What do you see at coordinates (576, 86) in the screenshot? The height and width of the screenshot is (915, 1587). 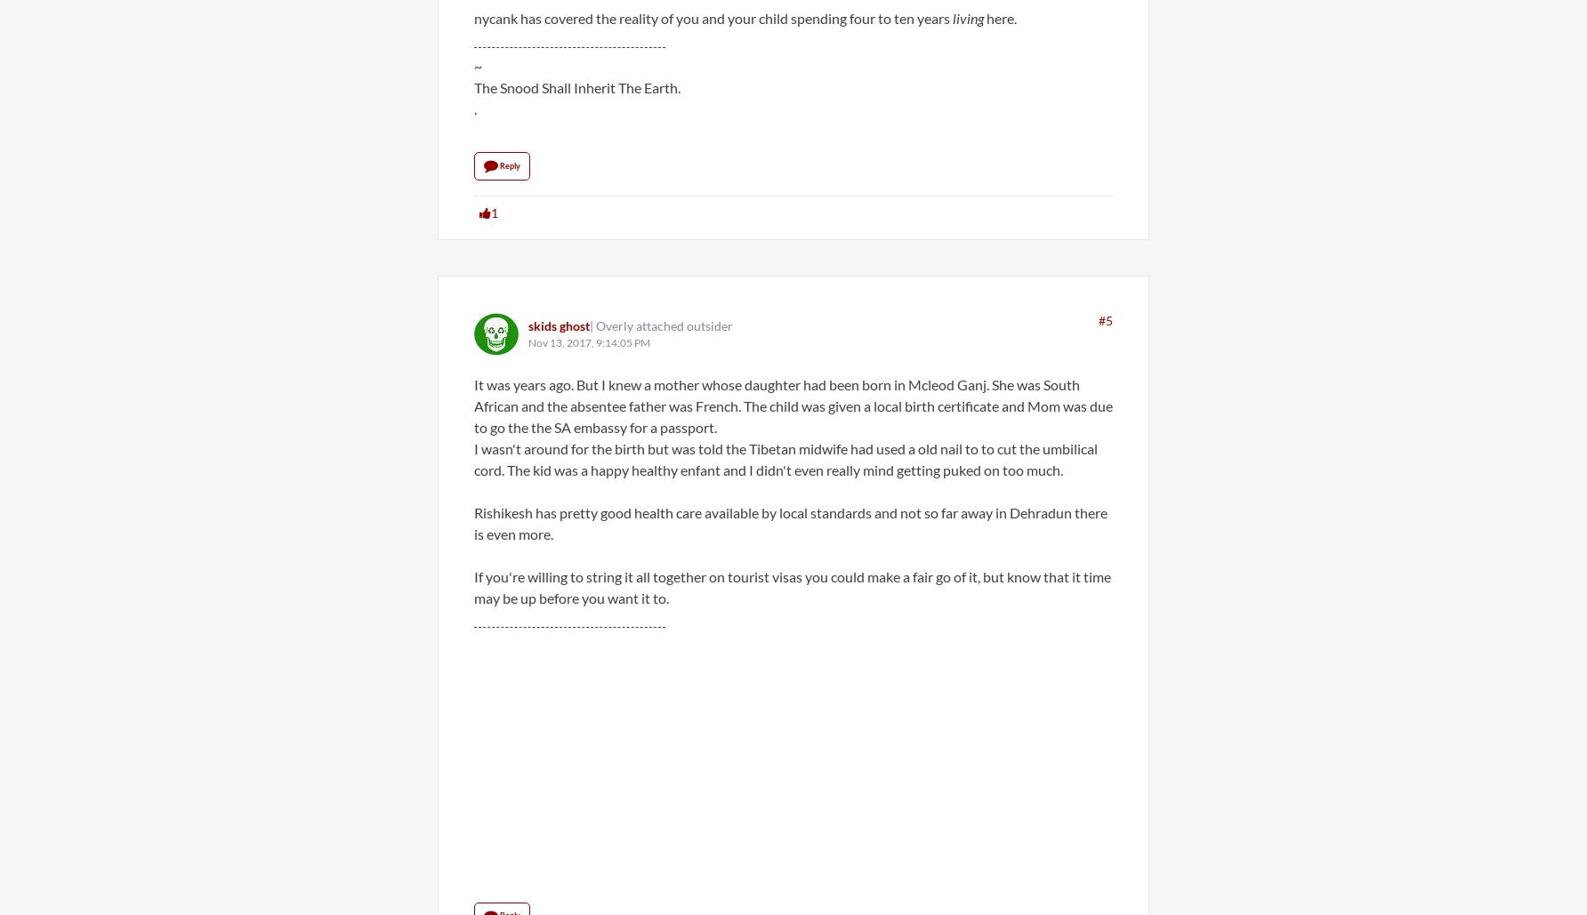 I see `'The Snood Shall Inherit The Earth.'` at bounding box center [576, 86].